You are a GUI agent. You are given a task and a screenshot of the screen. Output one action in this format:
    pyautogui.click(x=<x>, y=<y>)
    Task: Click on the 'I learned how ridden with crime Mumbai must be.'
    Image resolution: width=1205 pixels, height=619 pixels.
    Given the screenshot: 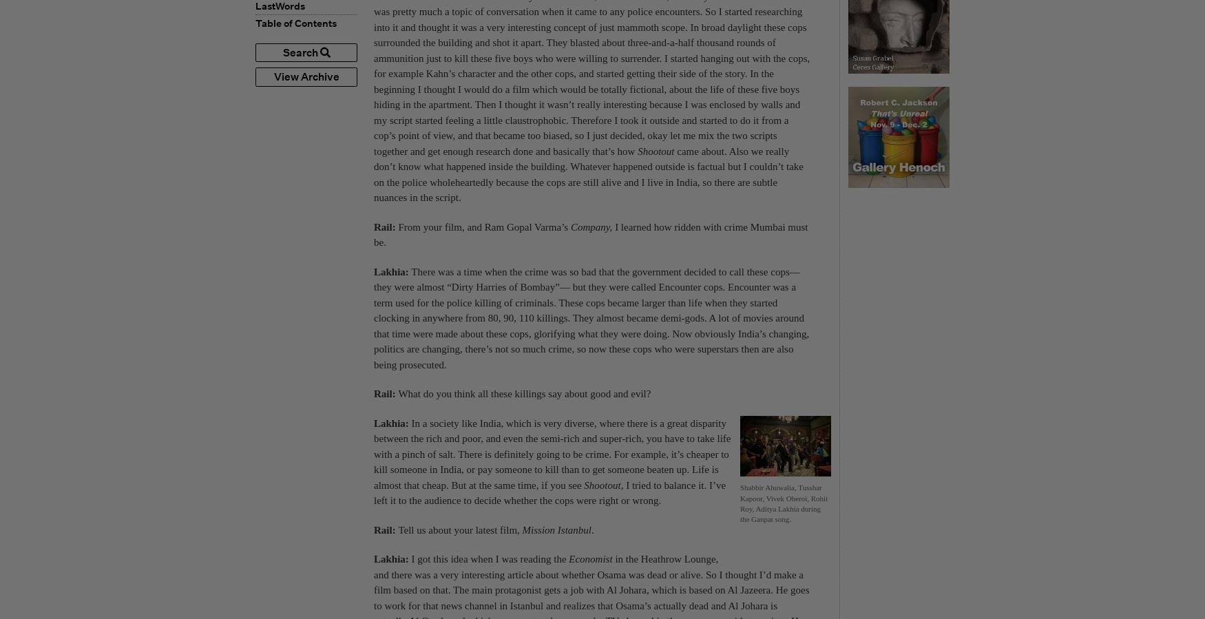 What is the action you would take?
    pyautogui.click(x=373, y=233)
    